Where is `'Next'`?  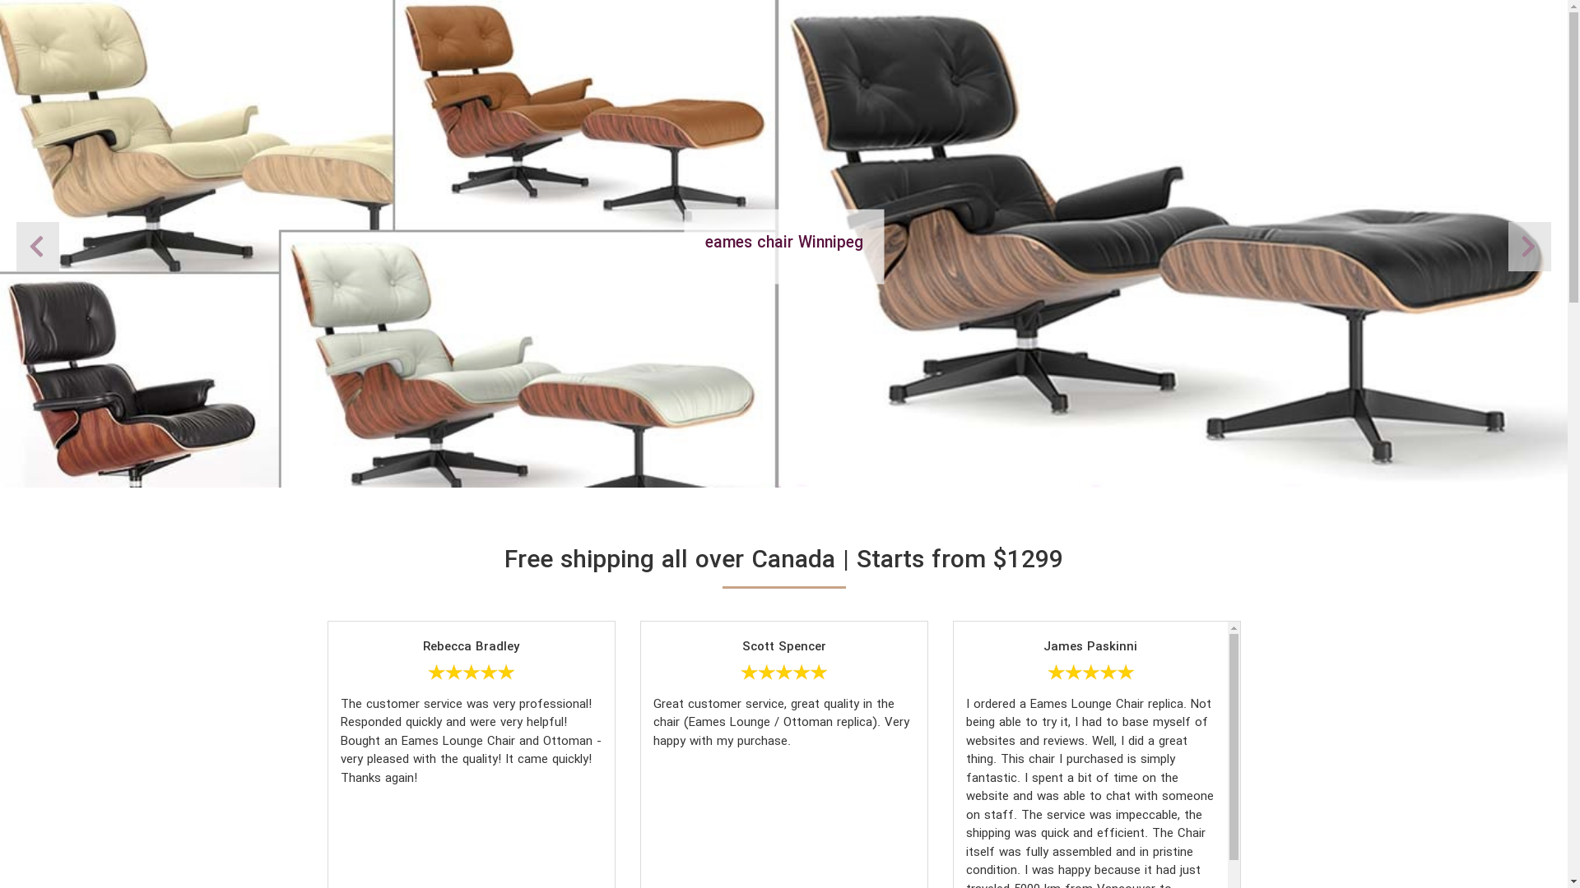
'Next' is located at coordinates (38, 247).